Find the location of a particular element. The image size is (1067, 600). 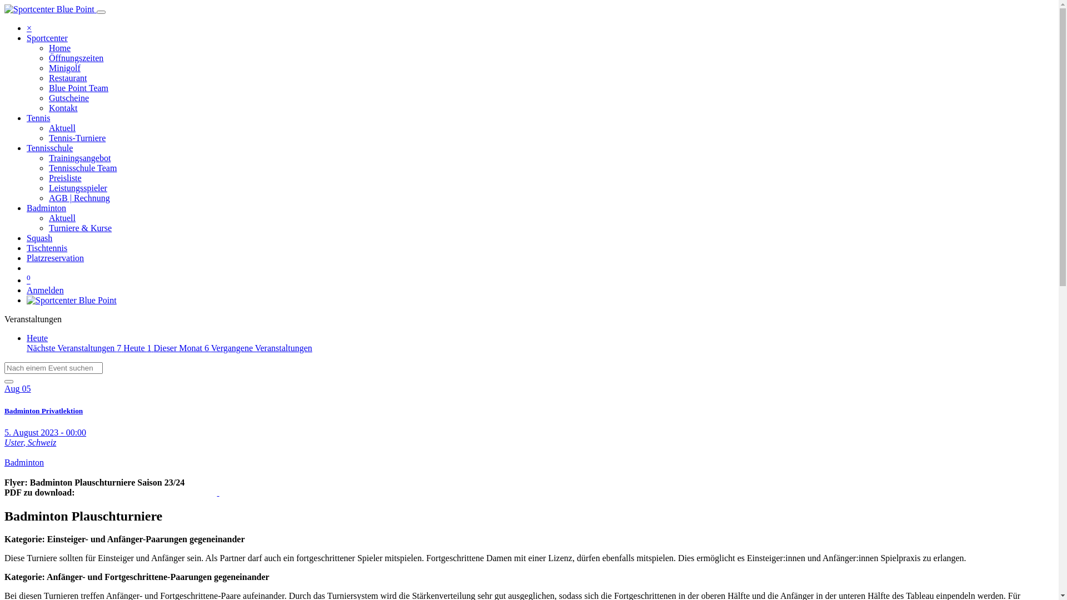

'Tennisschule' is located at coordinates (49, 147).